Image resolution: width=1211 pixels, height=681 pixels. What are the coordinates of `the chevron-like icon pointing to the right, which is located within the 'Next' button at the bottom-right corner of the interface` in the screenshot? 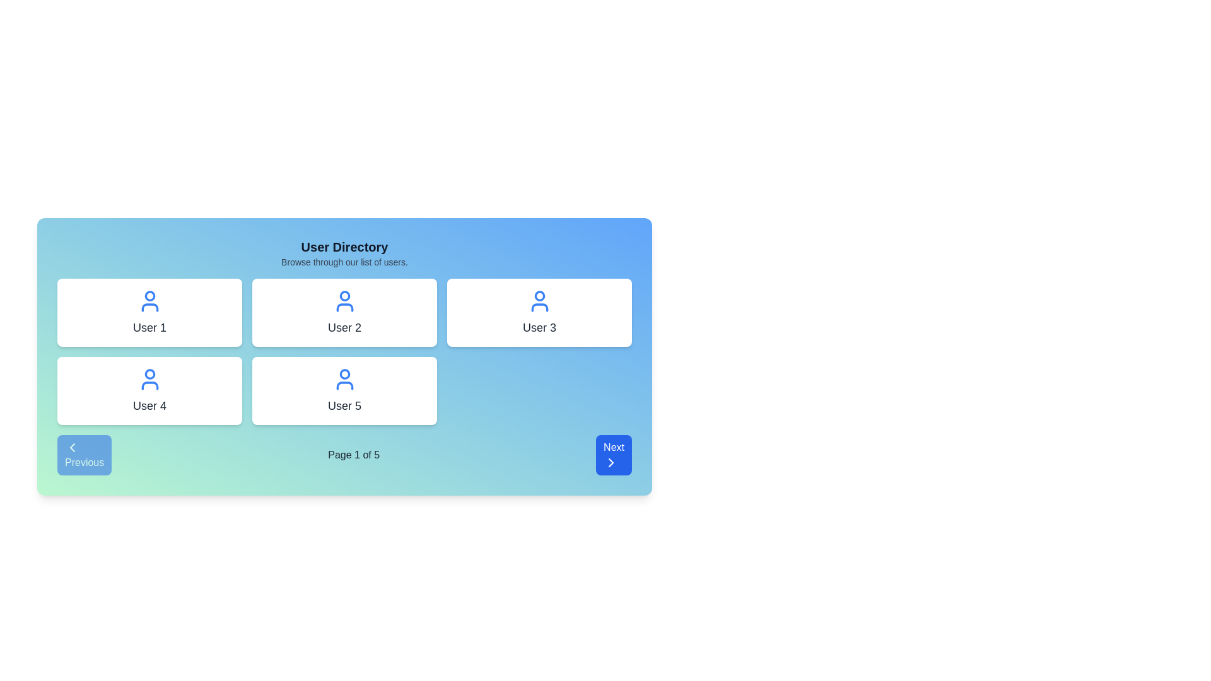 It's located at (611, 462).